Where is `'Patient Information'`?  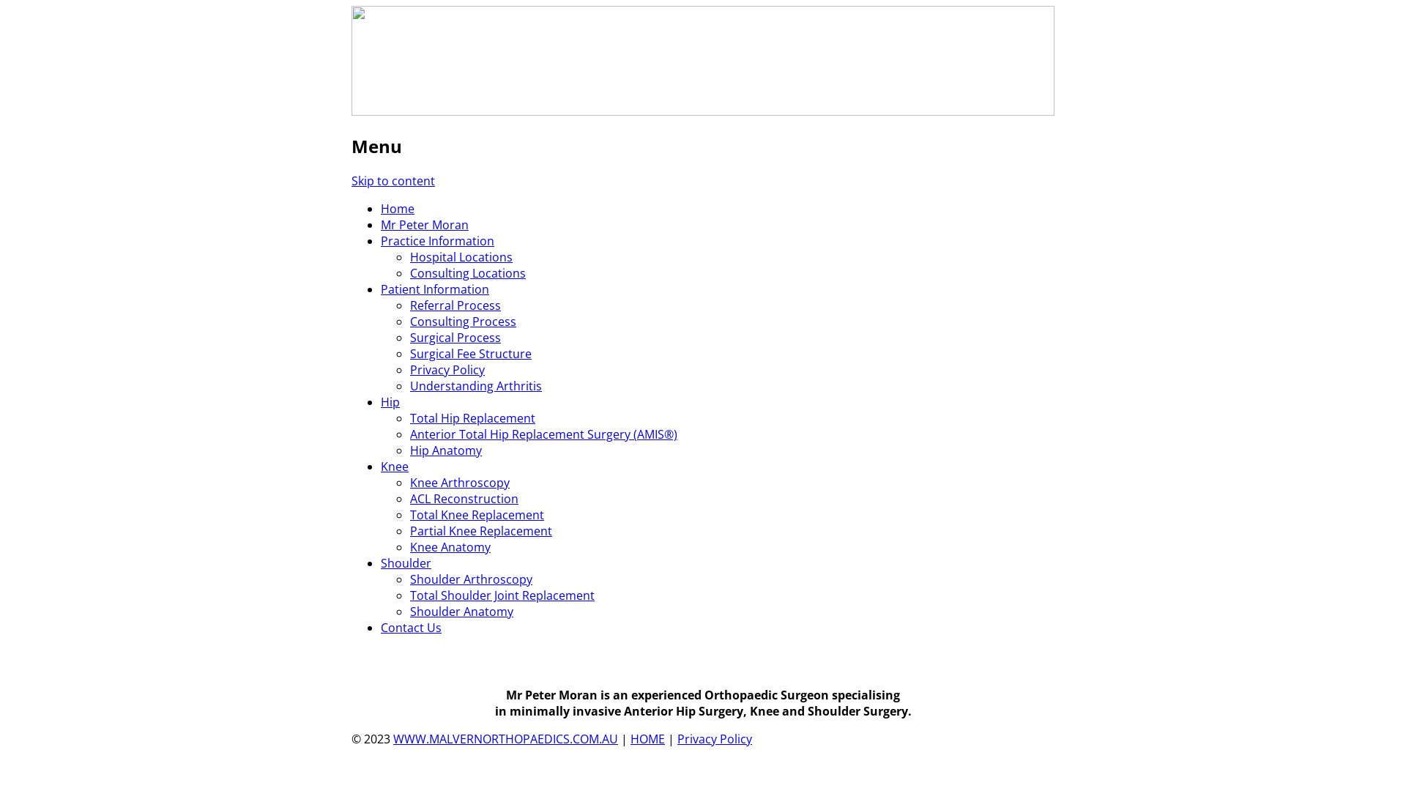 'Patient Information' is located at coordinates (434, 289).